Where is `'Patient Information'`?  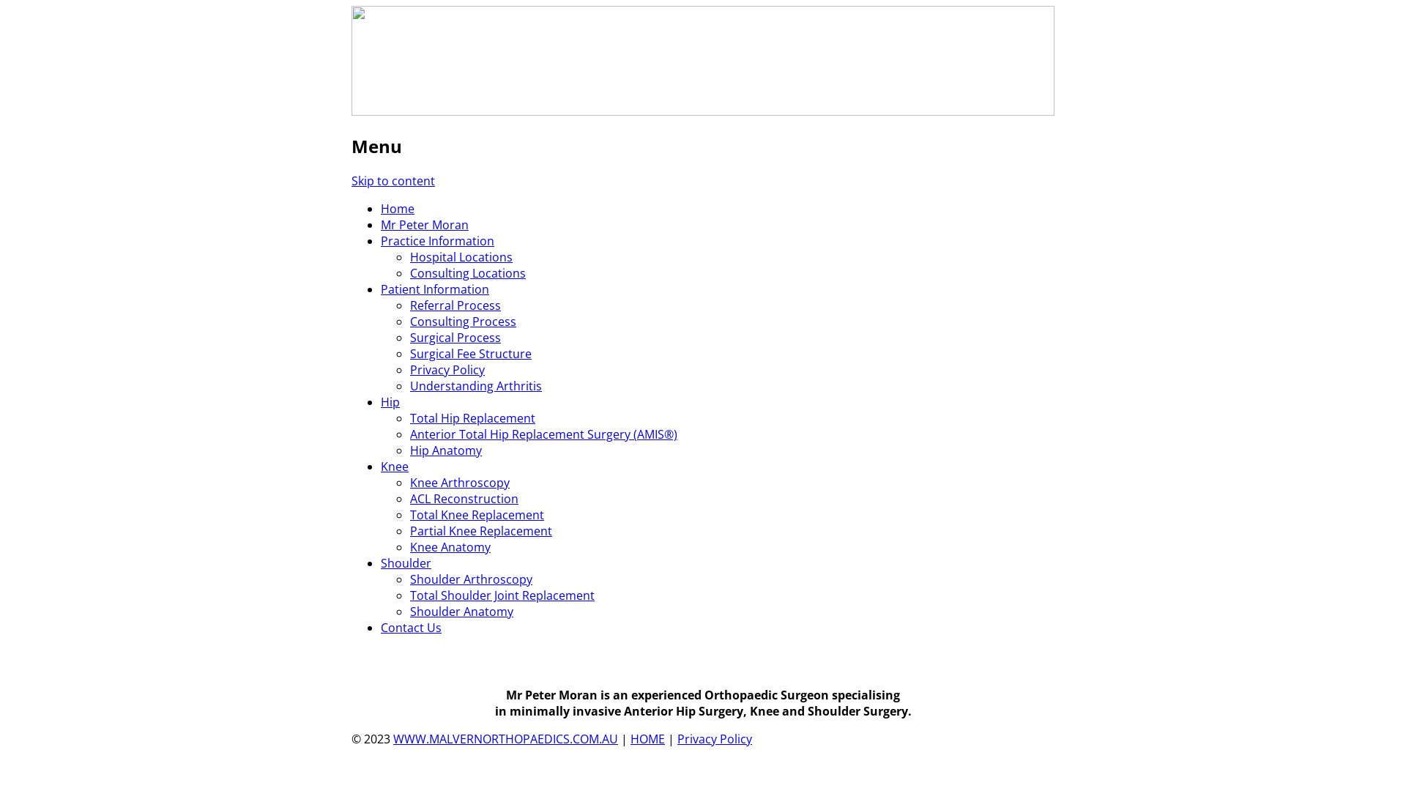 'Patient Information' is located at coordinates (434, 289).